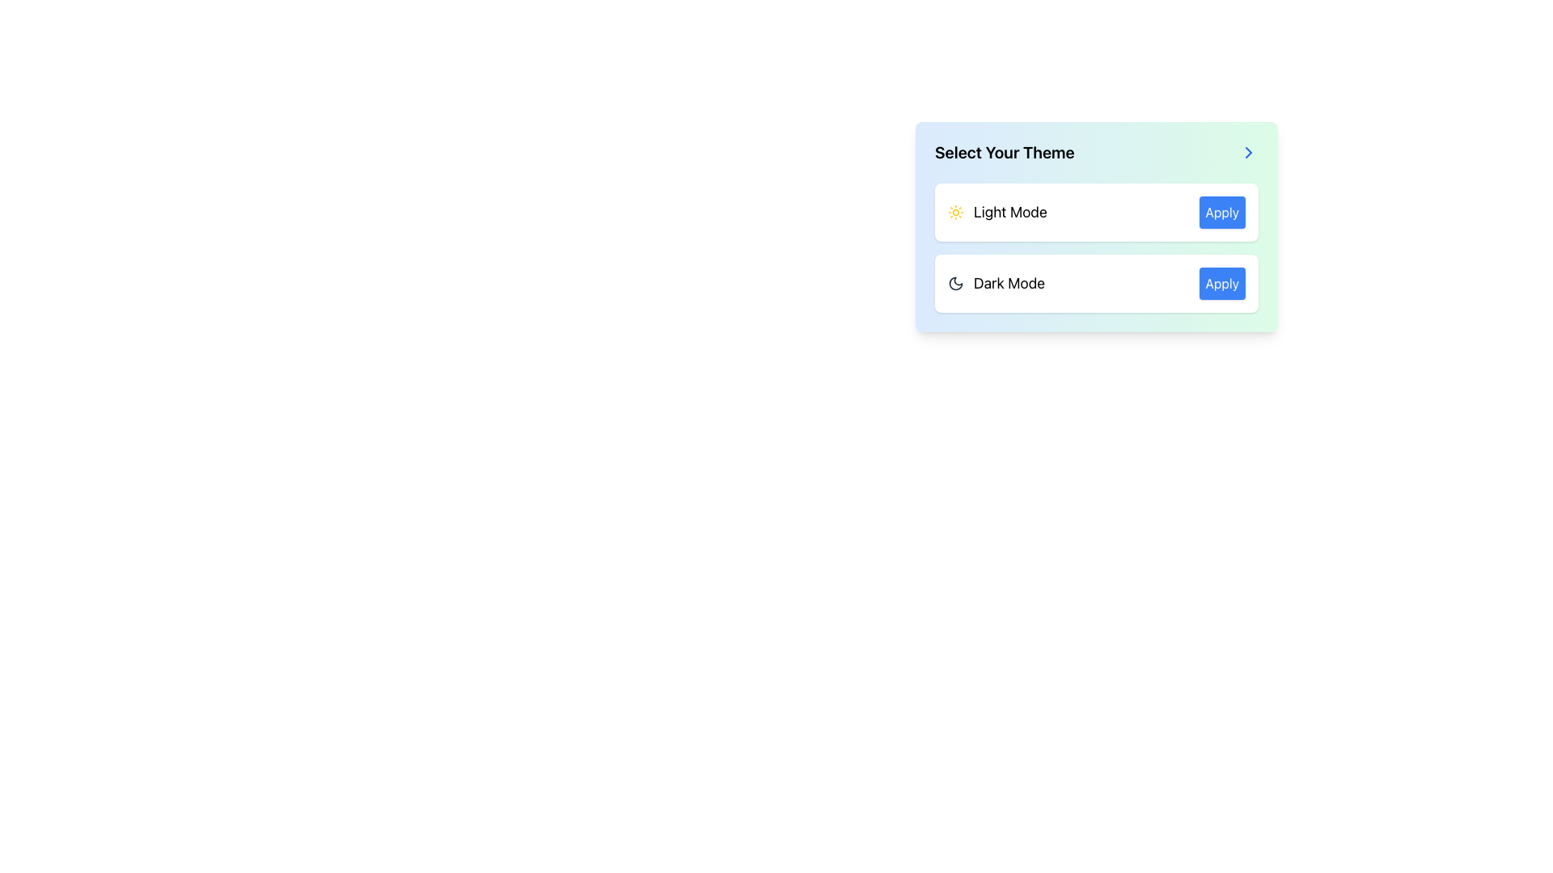  I want to click on the 'Dark Mode' icon located to the left of the 'Dark Mode' text label, which is in the theme options selection row, so click(955, 283).